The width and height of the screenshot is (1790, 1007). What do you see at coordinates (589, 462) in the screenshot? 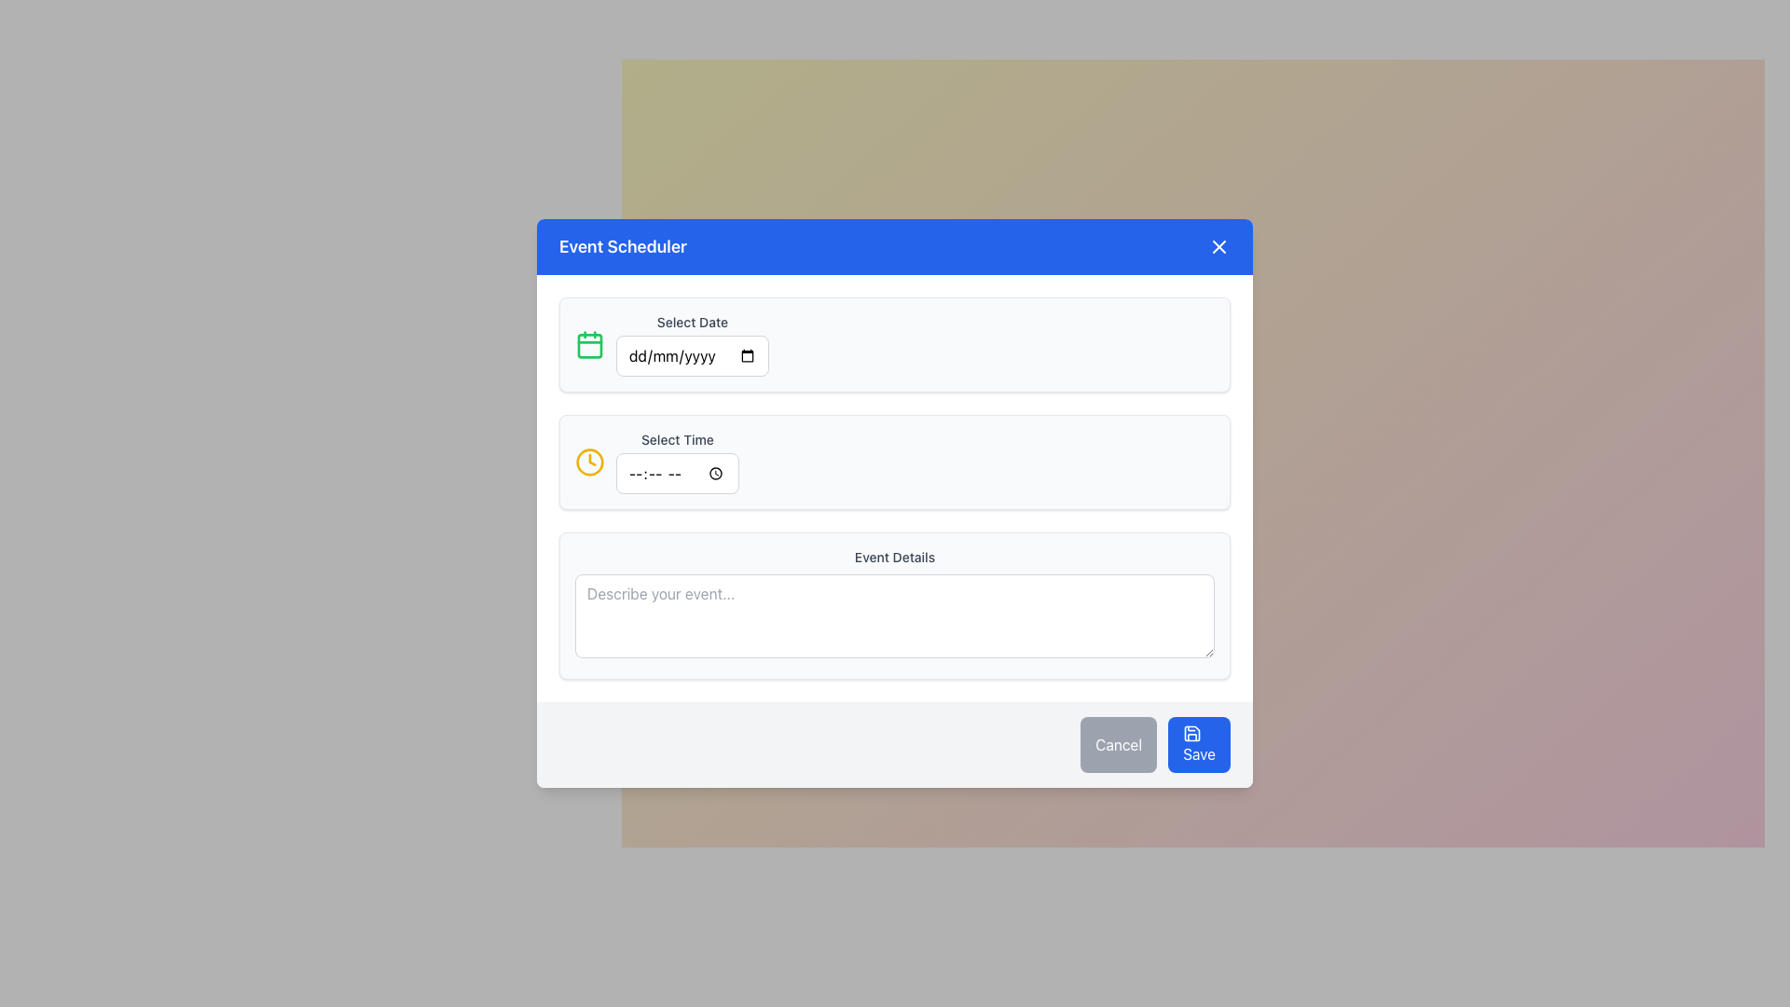
I see `the central circle of the clock icon, which has a yellow outline and is located near the 'Select Time' label in the Event Scheduler interface` at bounding box center [589, 462].